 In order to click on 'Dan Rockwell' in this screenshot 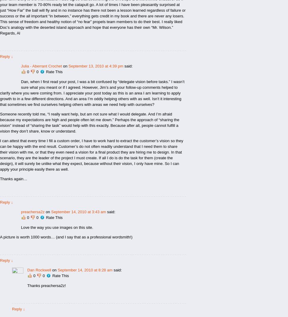, I will do `click(39, 270)`.